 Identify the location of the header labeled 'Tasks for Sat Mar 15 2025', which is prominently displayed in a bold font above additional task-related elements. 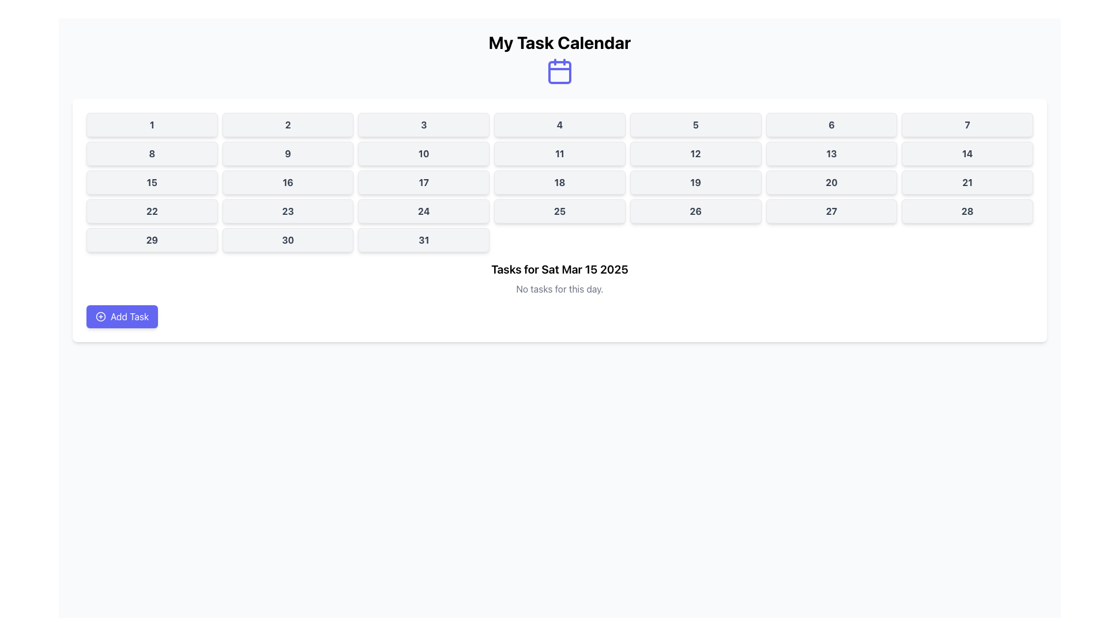
(559, 269).